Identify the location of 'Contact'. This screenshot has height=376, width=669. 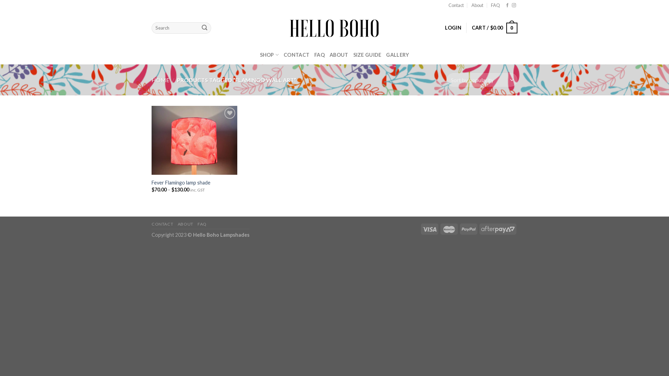
(456, 5).